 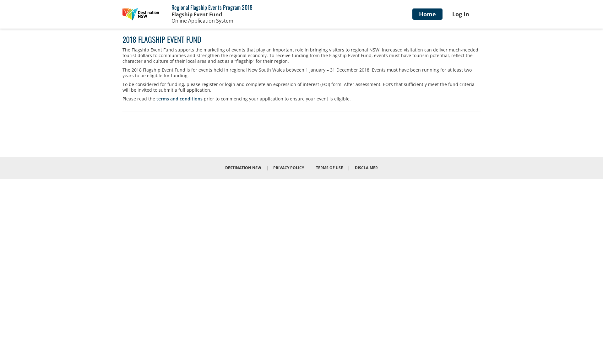 What do you see at coordinates (171, 7) in the screenshot?
I see `'Regional Flagship Events Program 2018'` at bounding box center [171, 7].